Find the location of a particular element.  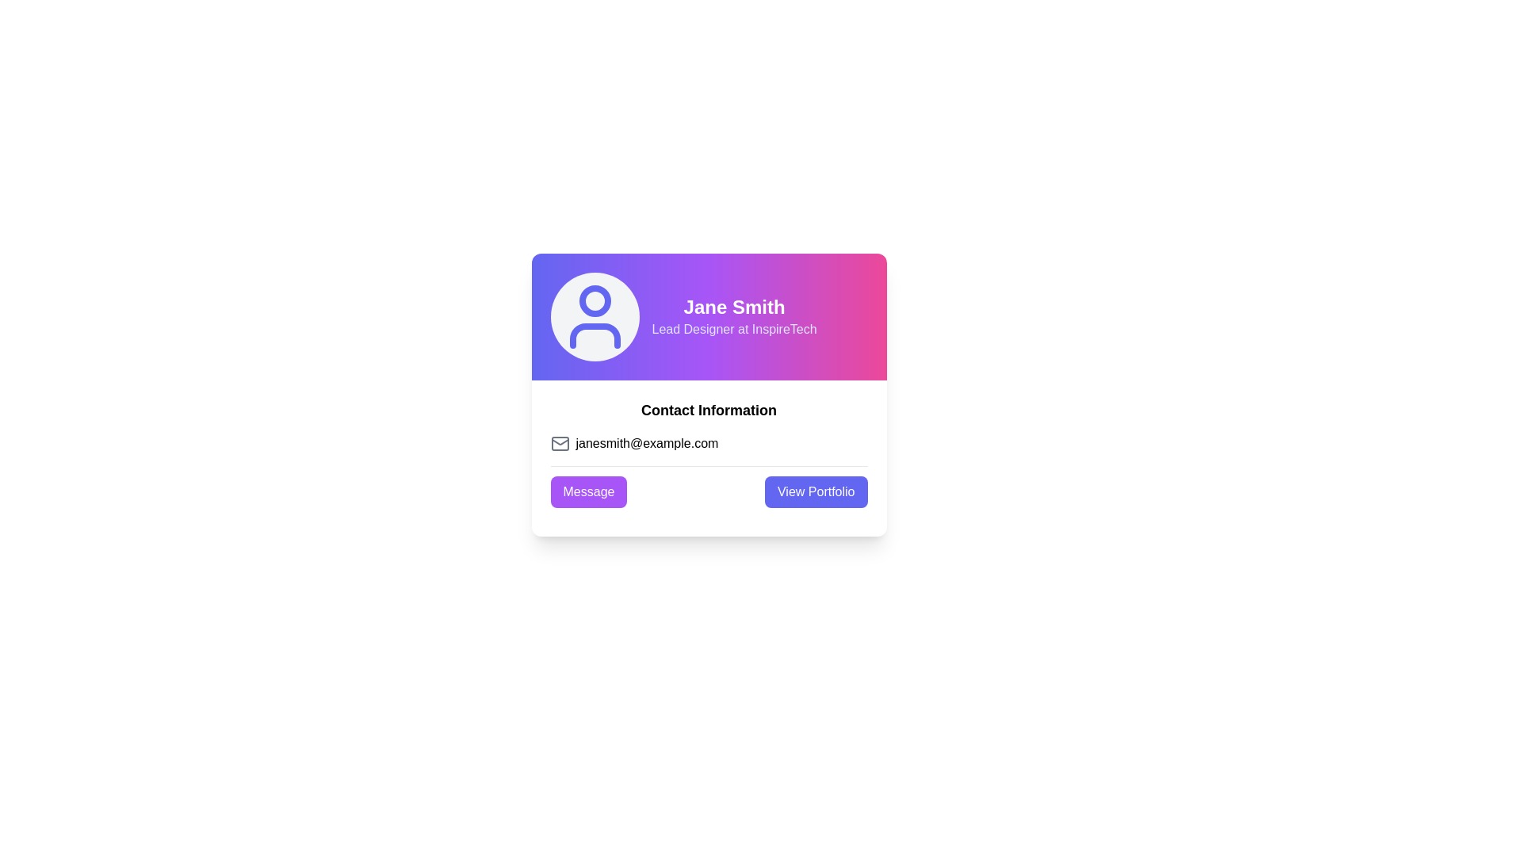

the portfolio button located on the right side below the email address section is located at coordinates (816, 491).